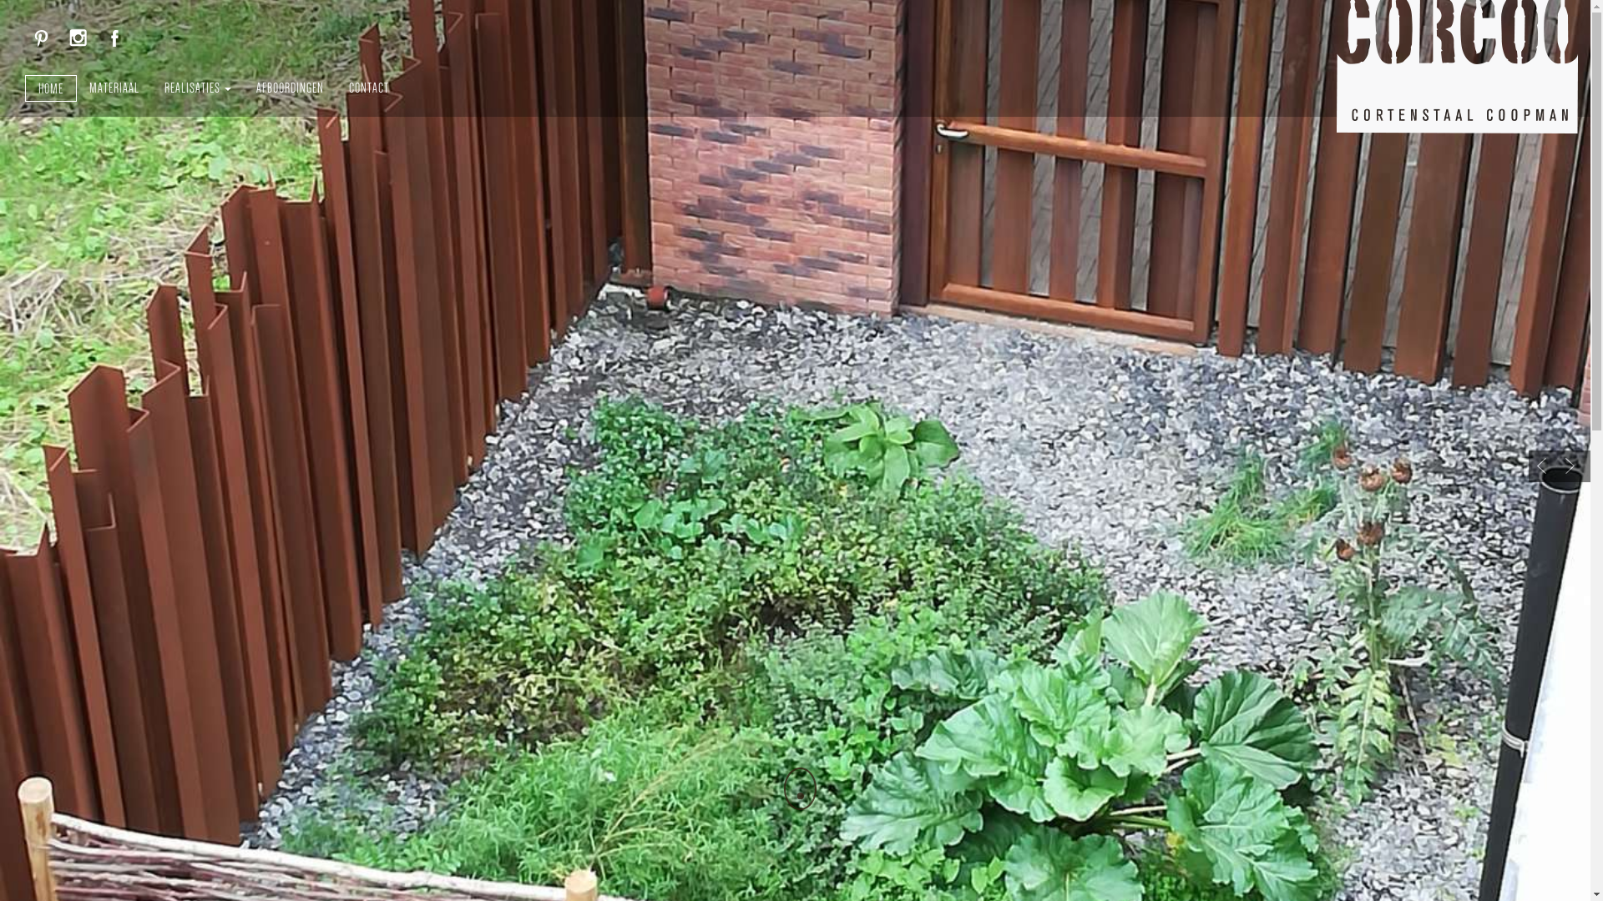 The image size is (1603, 901). Describe the element at coordinates (0, 0) in the screenshot. I see `'Skip to main content'` at that location.